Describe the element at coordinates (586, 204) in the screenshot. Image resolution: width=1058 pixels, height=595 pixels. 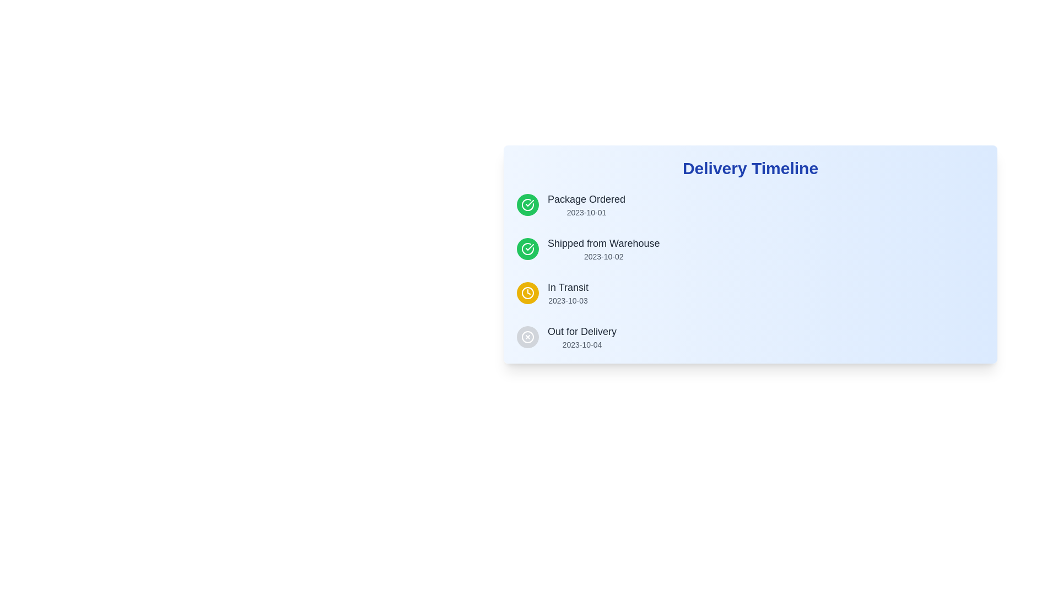
I see `the text element displaying 'Package Ordered' and '2023-10-01'` at that location.